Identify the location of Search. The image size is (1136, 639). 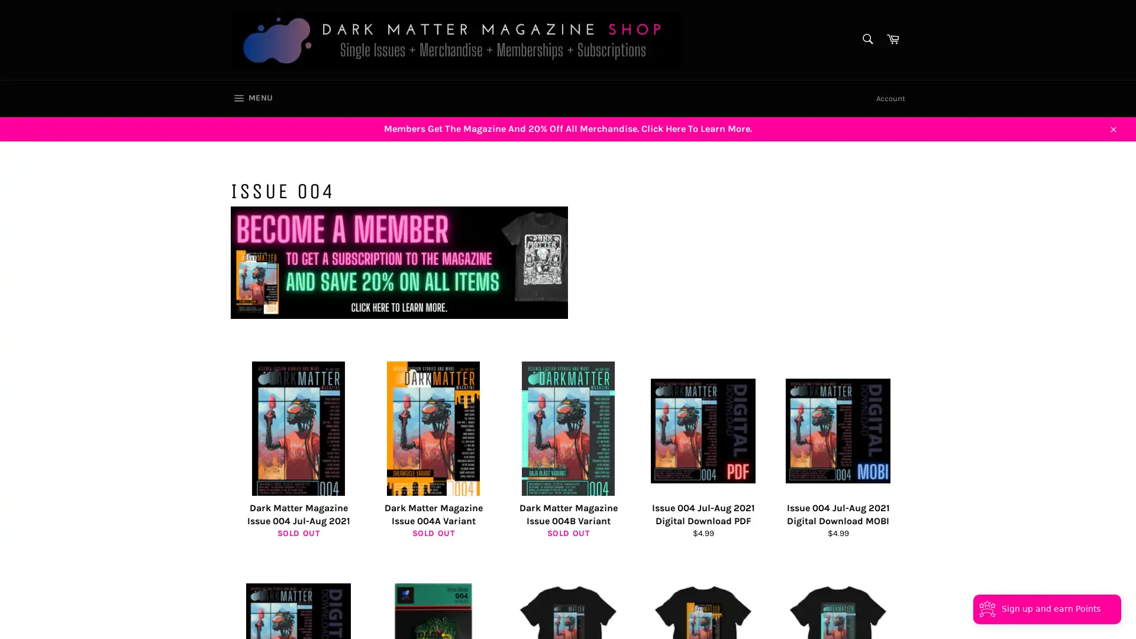
(866, 38).